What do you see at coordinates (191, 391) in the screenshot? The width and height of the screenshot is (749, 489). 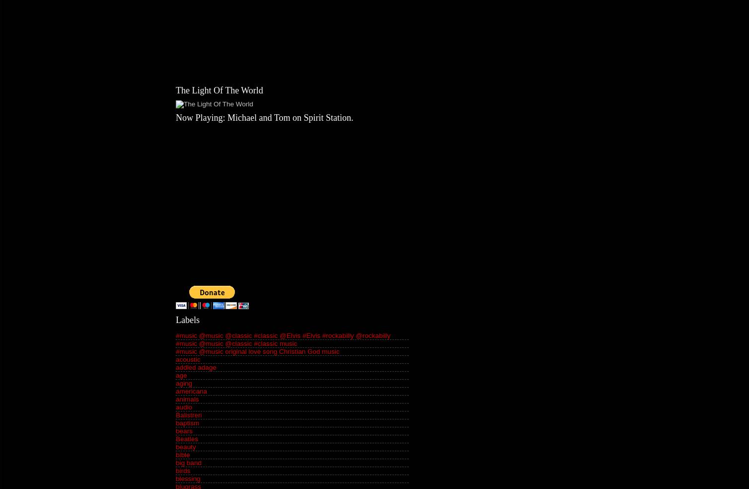 I see `'americana'` at bounding box center [191, 391].